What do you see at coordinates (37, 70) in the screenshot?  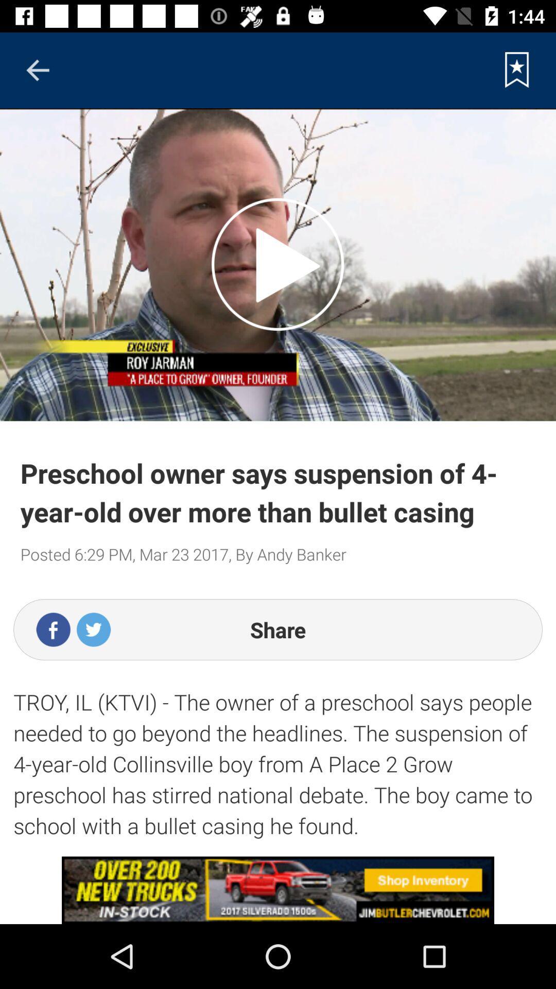 I see `the arrow_backward icon` at bounding box center [37, 70].